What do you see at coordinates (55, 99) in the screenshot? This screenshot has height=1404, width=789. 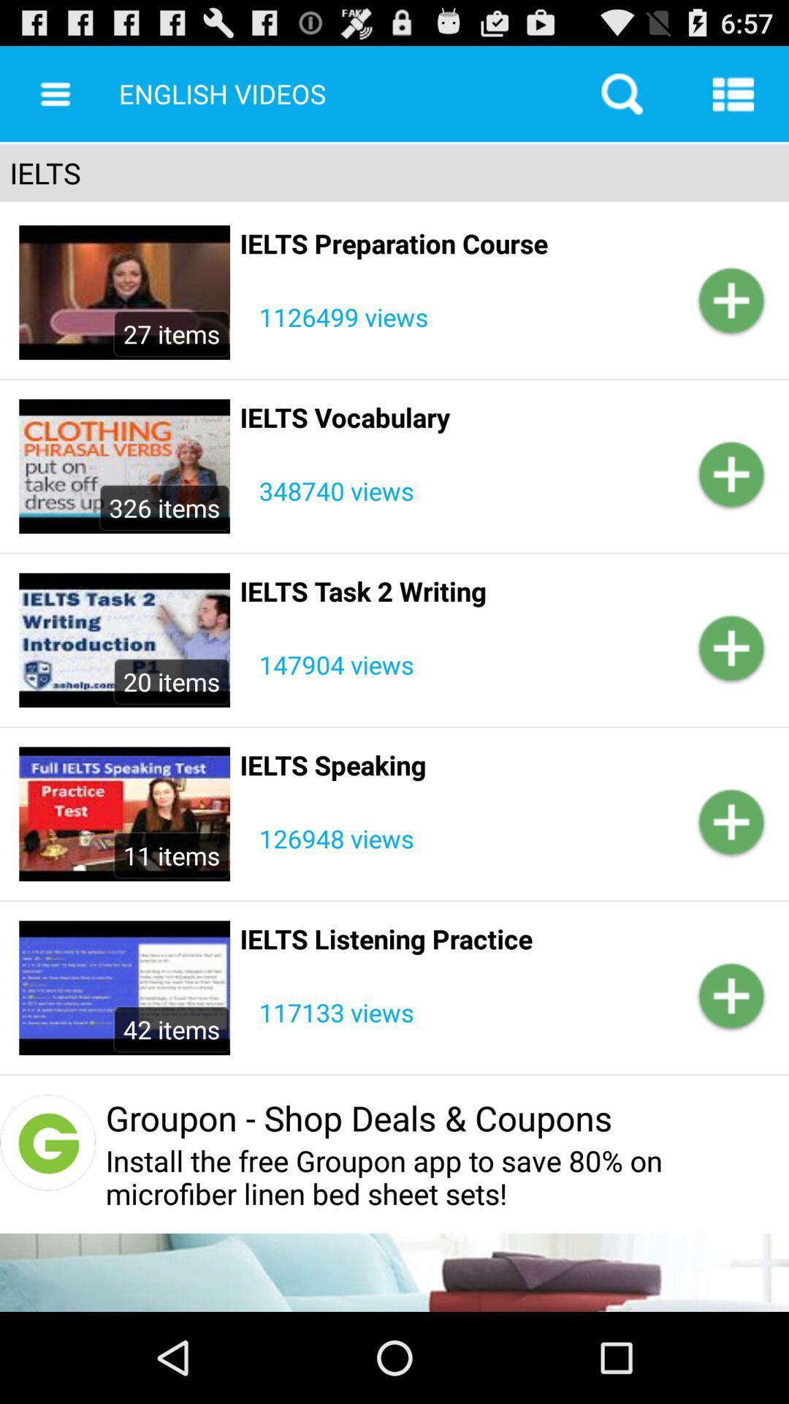 I see `the menu icon` at bounding box center [55, 99].